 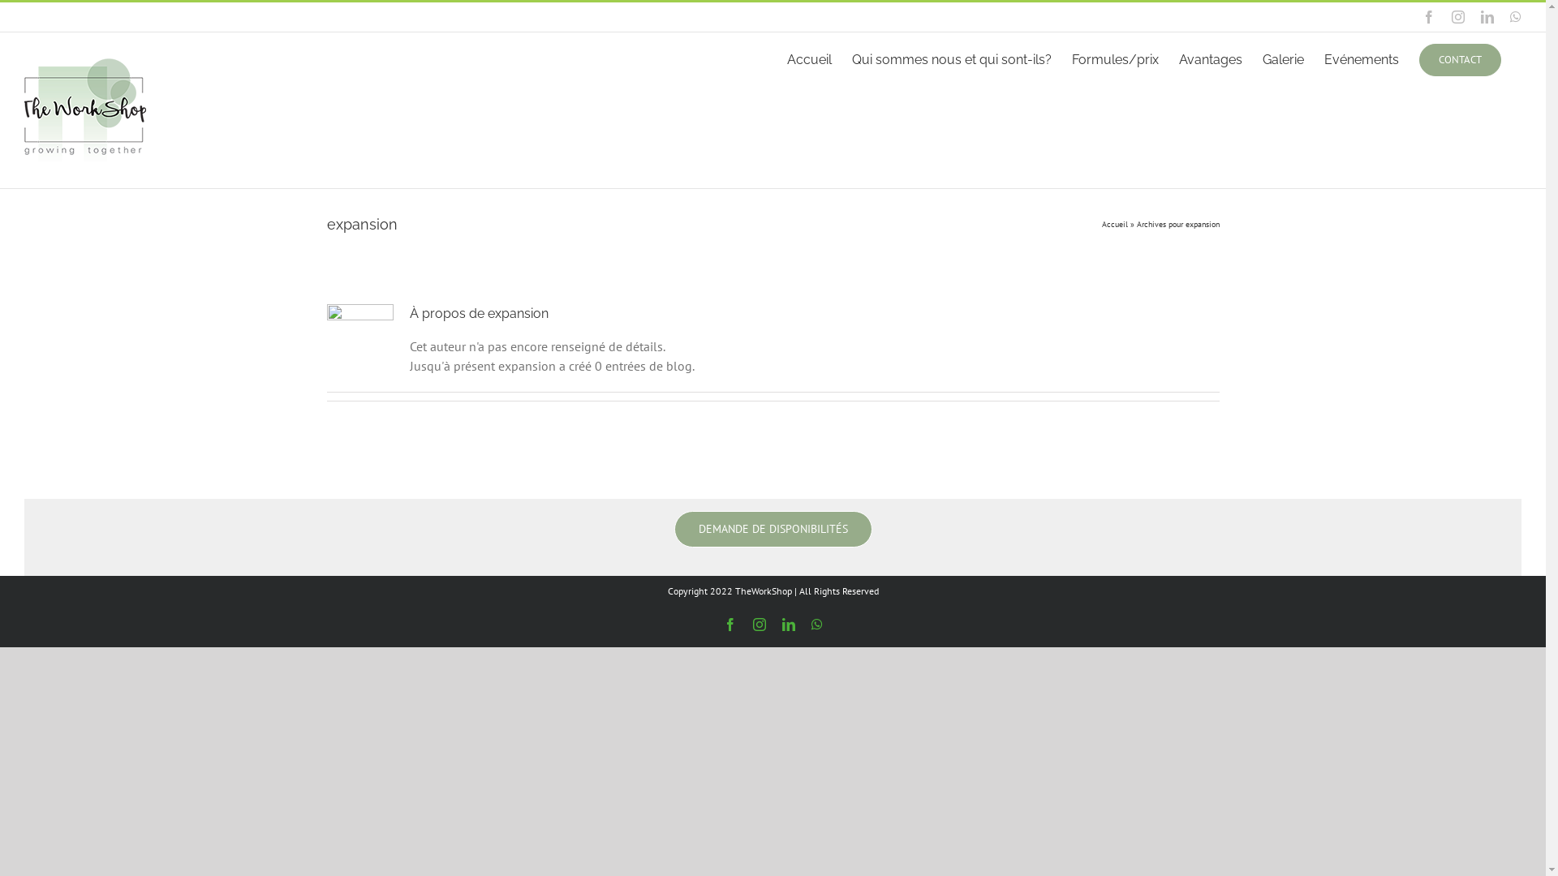 I want to click on 'Facebook', so click(x=1429, y=16).